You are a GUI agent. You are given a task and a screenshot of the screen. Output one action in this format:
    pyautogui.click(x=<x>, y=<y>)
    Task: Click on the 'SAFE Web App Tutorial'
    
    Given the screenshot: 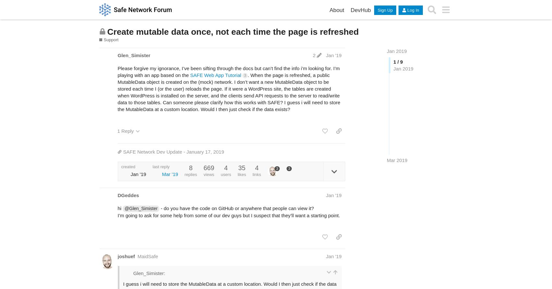 What is the action you would take?
    pyautogui.click(x=215, y=75)
    